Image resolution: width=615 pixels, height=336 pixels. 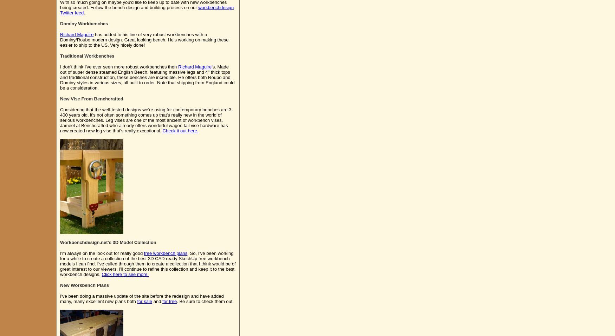 What do you see at coordinates (144, 301) in the screenshot?
I see `'for sale'` at bounding box center [144, 301].